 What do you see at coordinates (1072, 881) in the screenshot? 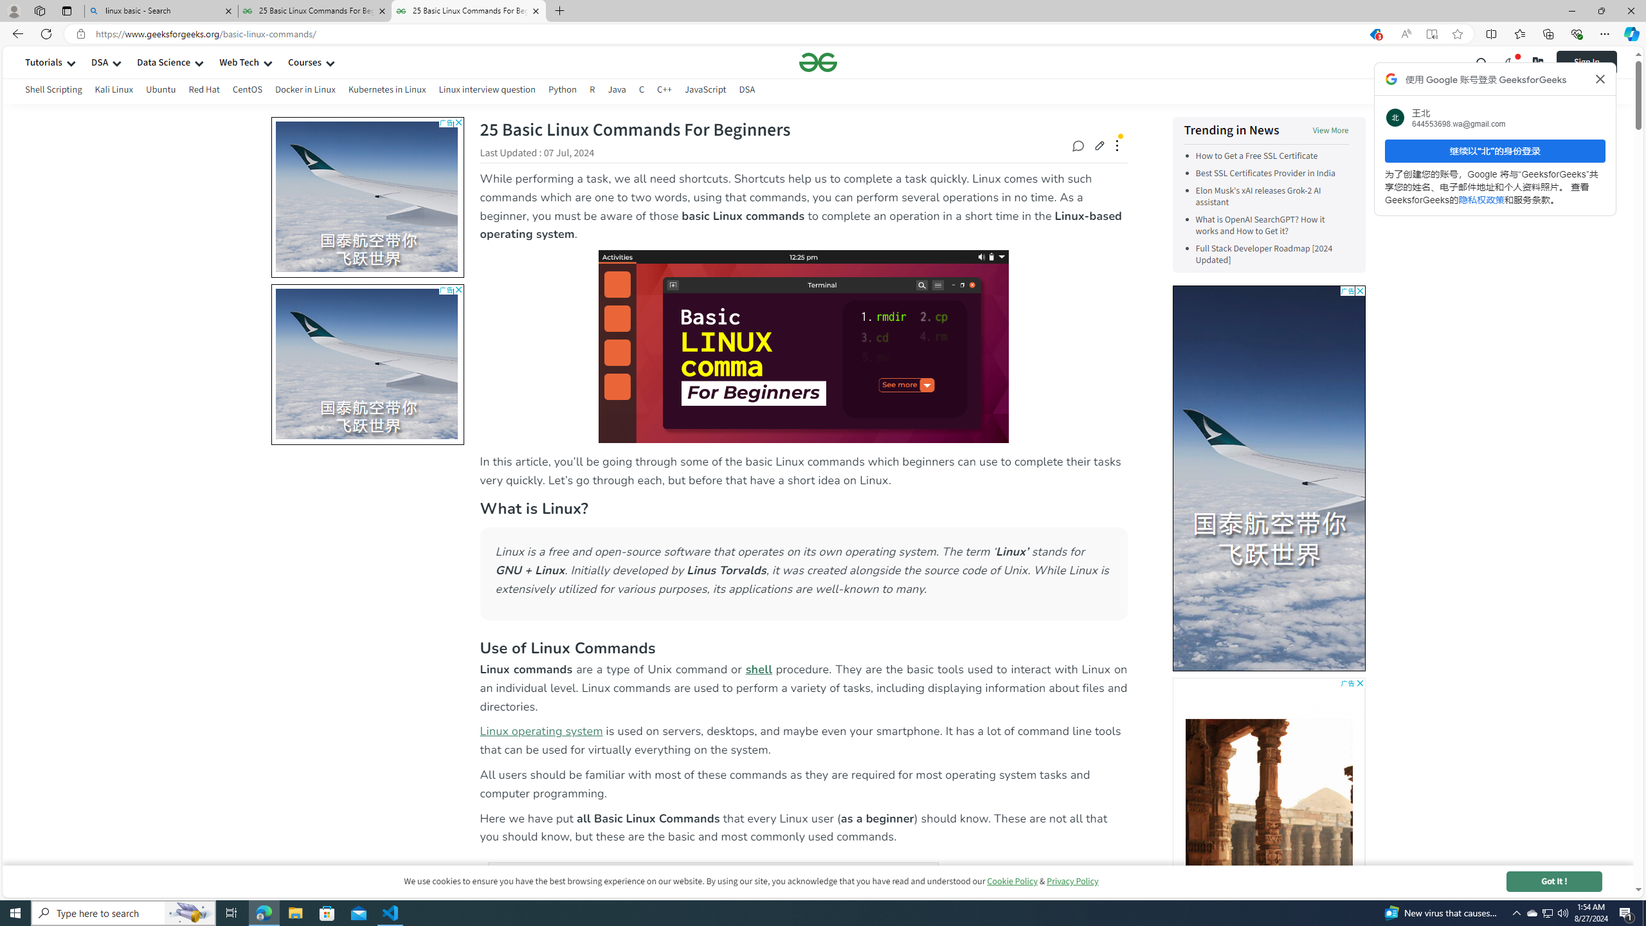
I see `'Privacy Policy'` at bounding box center [1072, 881].